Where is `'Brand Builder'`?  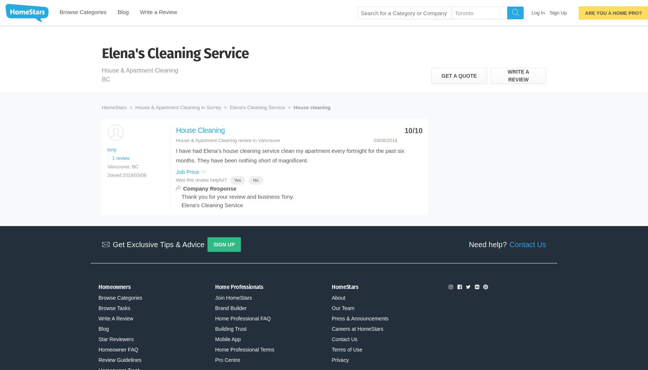 'Brand Builder' is located at coordinates (231, 308).